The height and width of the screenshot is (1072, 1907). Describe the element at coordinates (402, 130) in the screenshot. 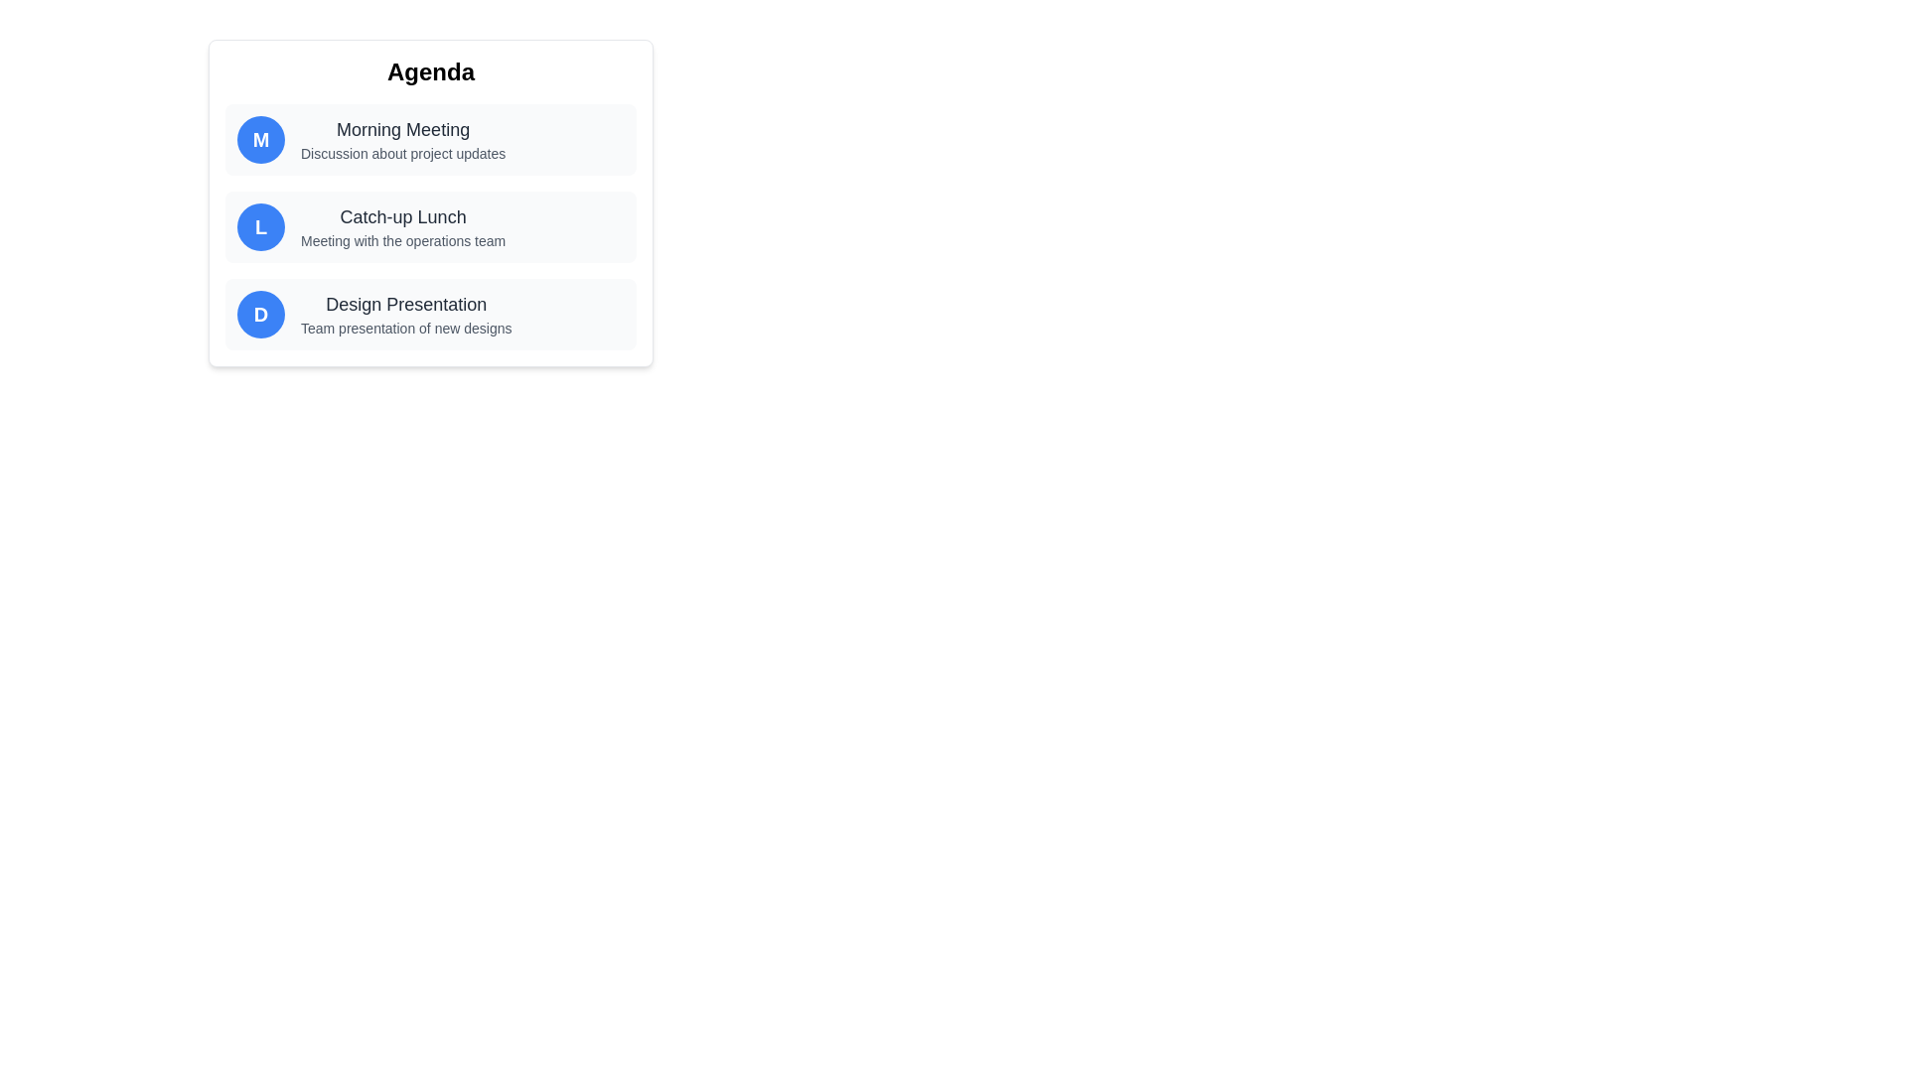

I see `the Text Label that serves as the title for the first item in the agenda list, which reads 'Morning Meeting'` at that location.